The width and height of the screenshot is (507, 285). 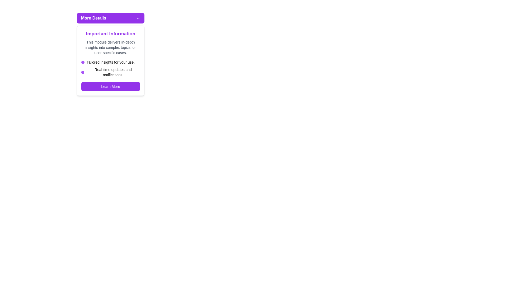 What do you see at coordinates (110, 72) in the screenshot?
I see `the second item in the vertically stacked list of notifications, which is descriptive text about real-time updates and notifications, located below a purple decorative icon` at bounding box center [110, 72].